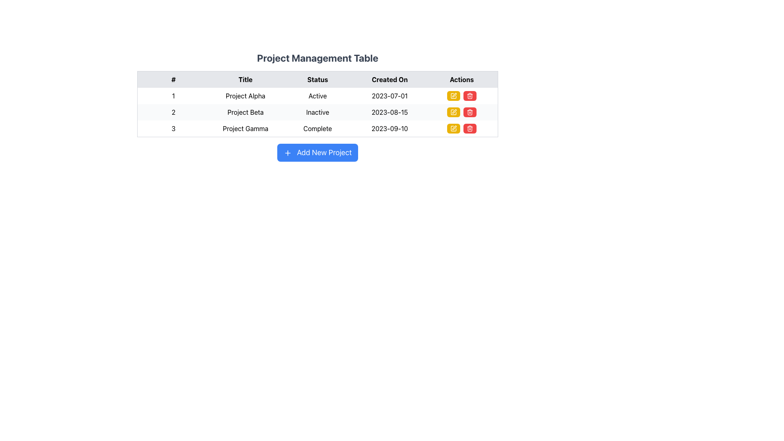  What do you see at coordinates (470, 112) in the screenshot?
I see `the bright red delete button with a trash bin icon located in the Actions column of the second row of the table` at bounding box center [470, 112].